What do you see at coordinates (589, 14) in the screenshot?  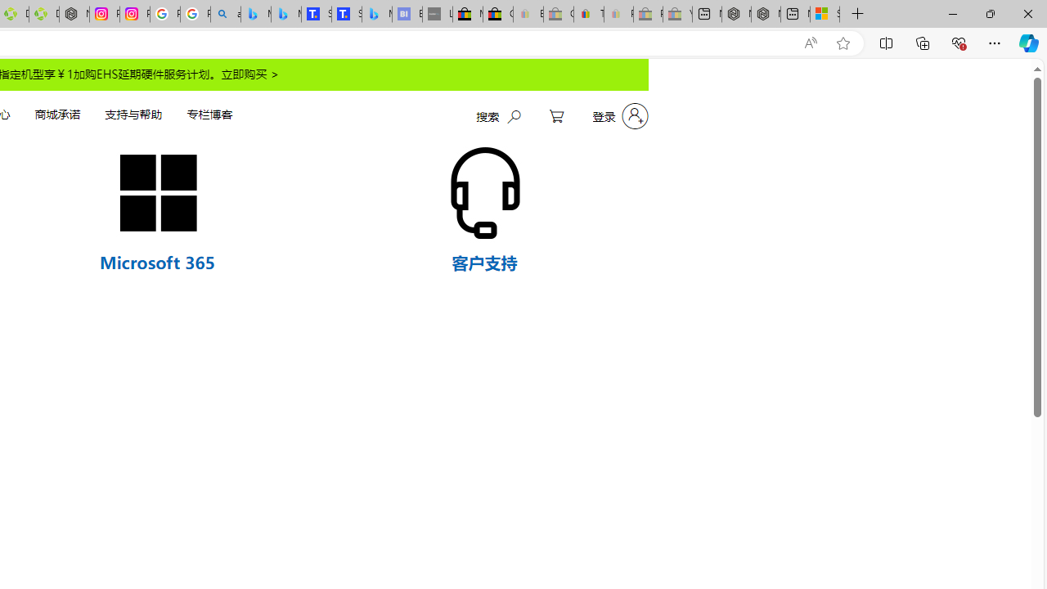 I see `'Threats and offensive language policy | eBay'` at bounding box center [589, 14].